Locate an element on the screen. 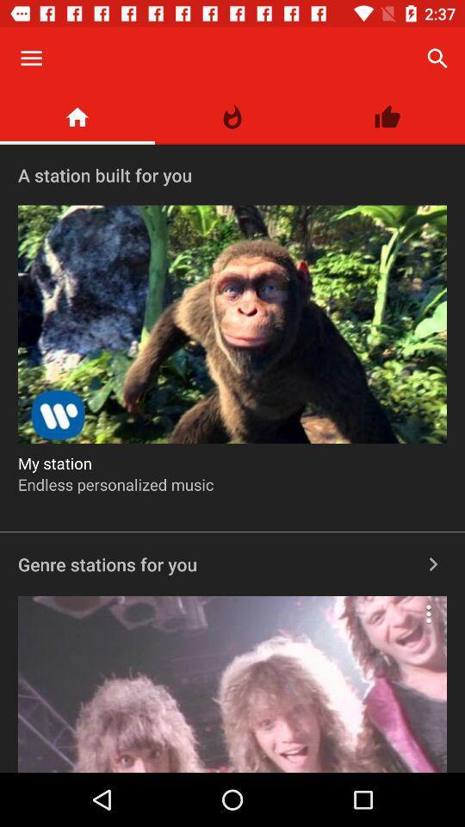  the item above the a station built icon is located at coordinates (232, 116).